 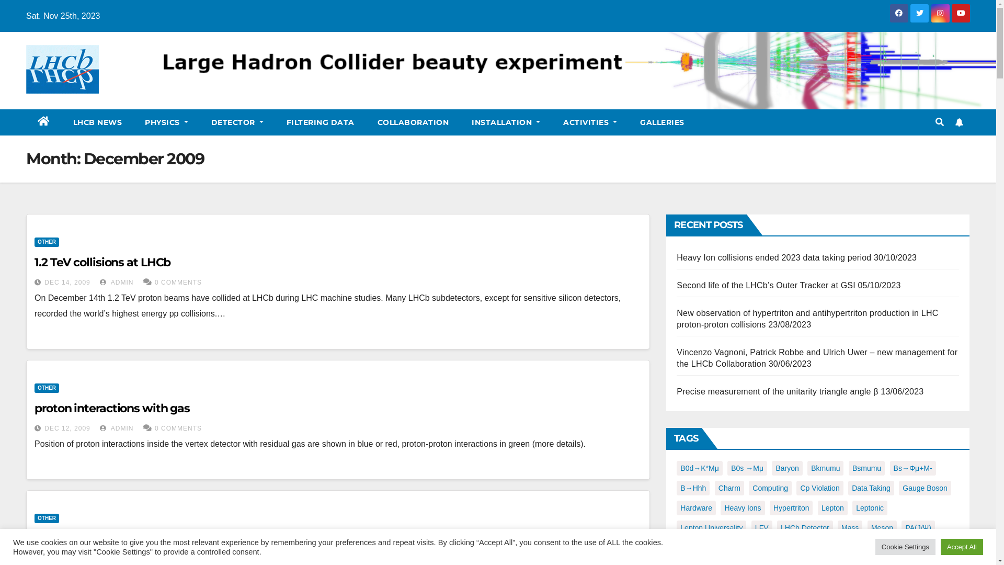 I want to click on 'DETECTOR', so click(x=237, y=122).